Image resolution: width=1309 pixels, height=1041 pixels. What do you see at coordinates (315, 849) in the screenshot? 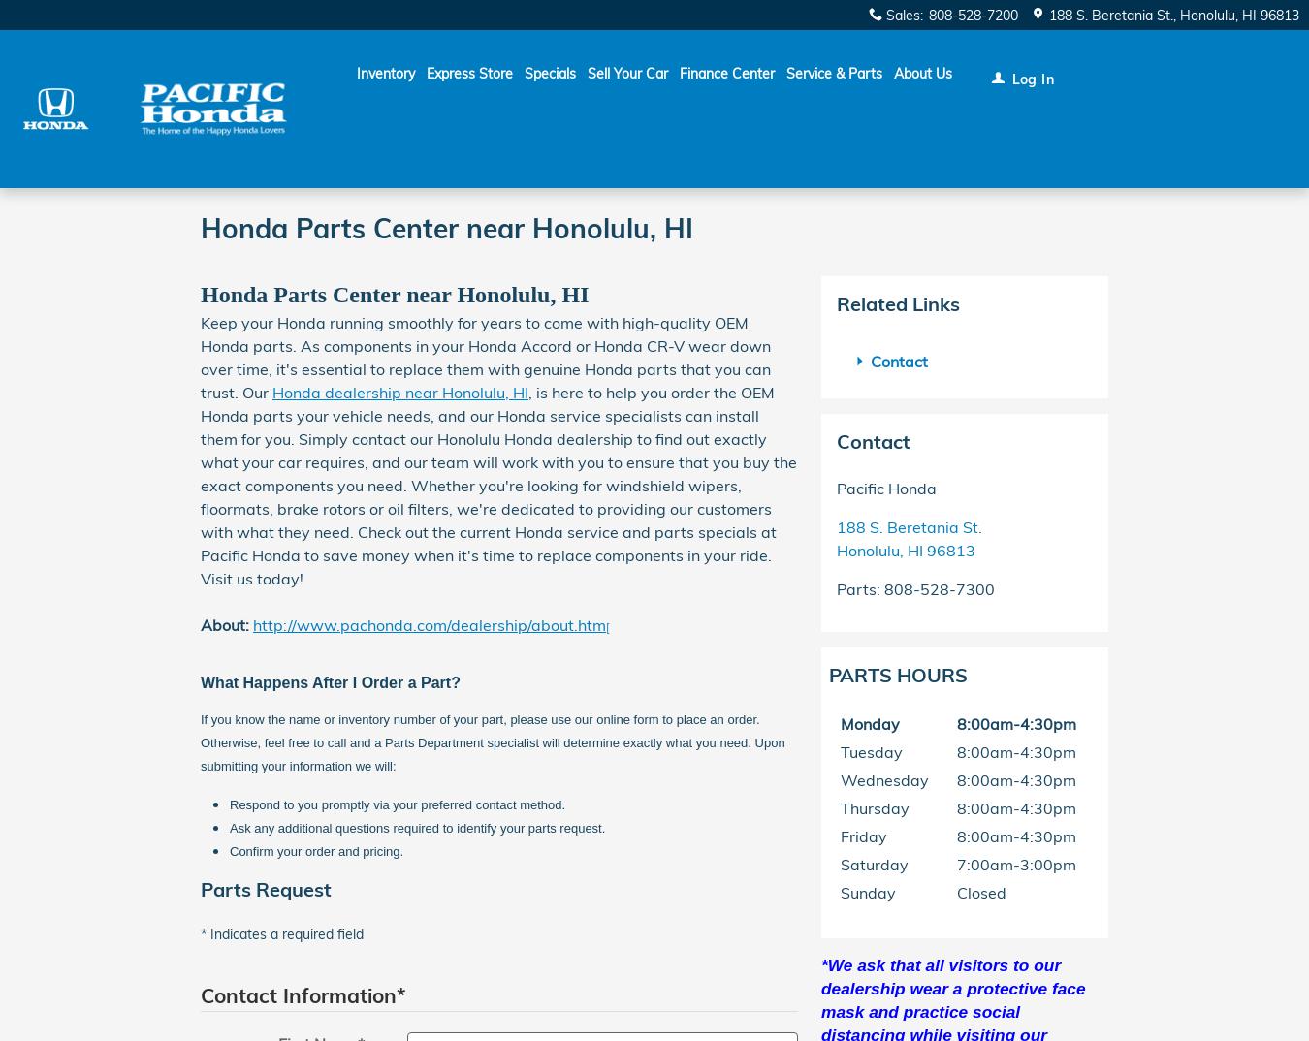
I see `'Confirm your order and 
pricing.'` at bounding box center [315, 849].